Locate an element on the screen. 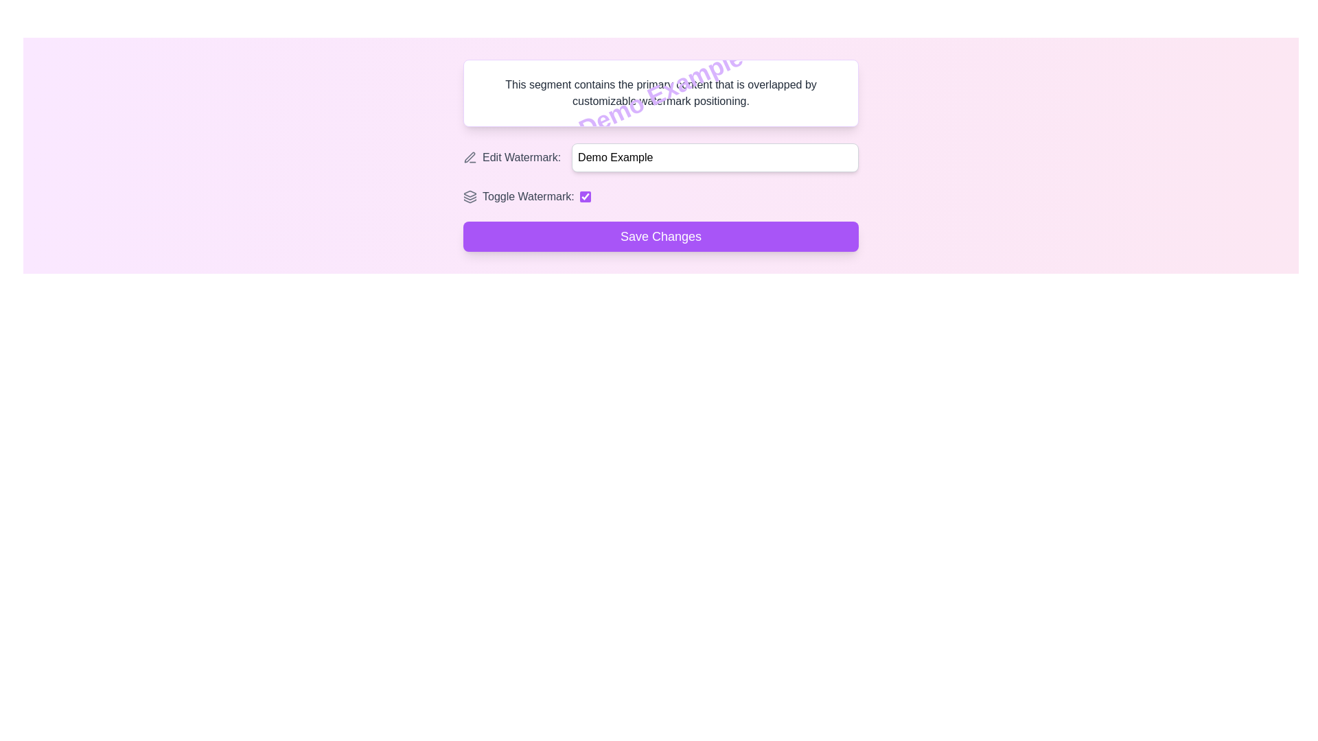 This screenshot has height=741, width=1318. the label with a gray font and a pen icon, located to the left of the text input field and above the toggle switch labeled 'Toggle Watermark' is located at coordinates (511, 157).